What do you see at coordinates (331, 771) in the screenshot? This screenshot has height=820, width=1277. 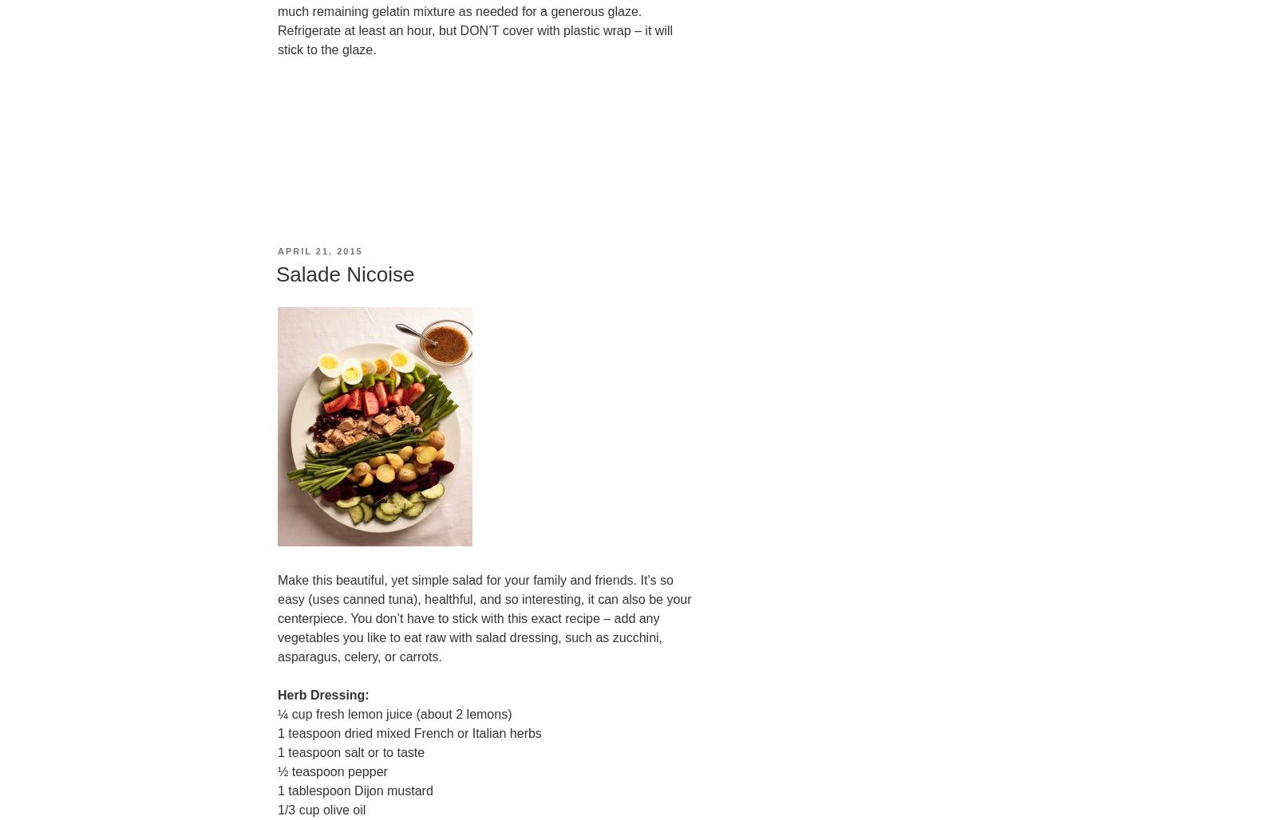 I see `'½ teaspoon pepper'` at bounding box center [331, 771].